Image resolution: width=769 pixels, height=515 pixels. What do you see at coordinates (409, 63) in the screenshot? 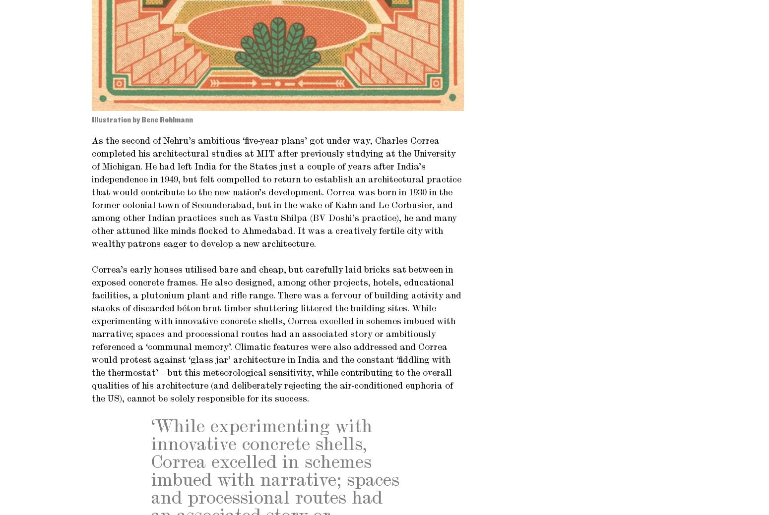
I see `'Privacy policy'` at bounding box center [409, 63].